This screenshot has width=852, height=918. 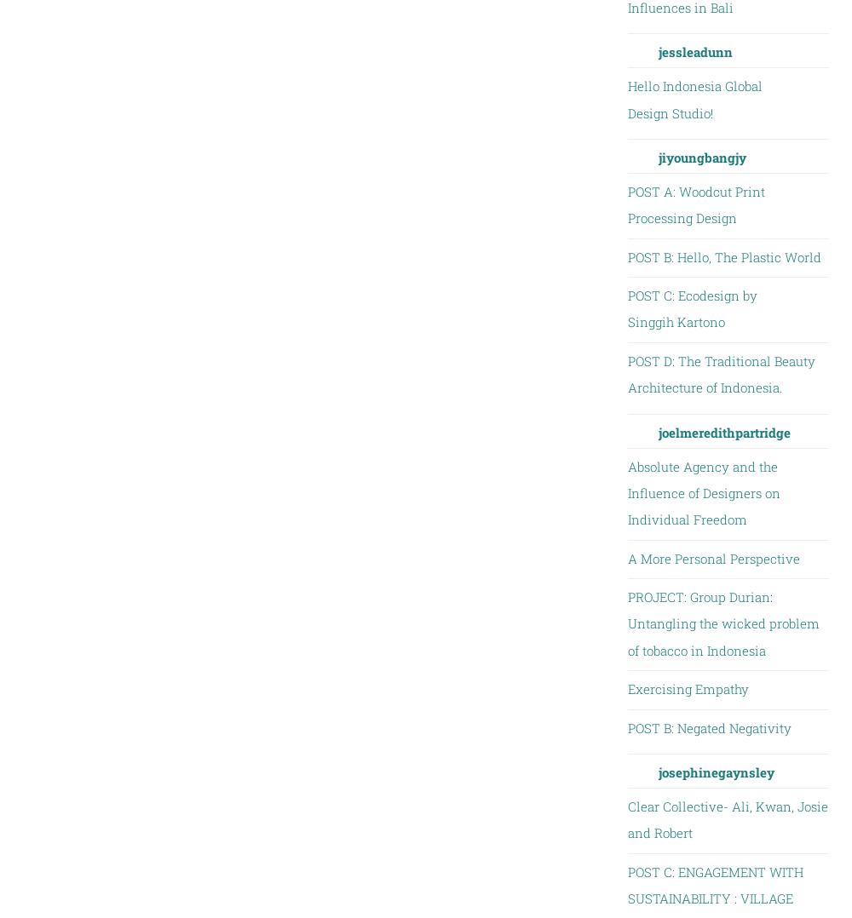 What do you see at coordinates (708, 726) in the screenshot?
I see `'POST B: Negated Negativity'` at bounding box center [708, 726].